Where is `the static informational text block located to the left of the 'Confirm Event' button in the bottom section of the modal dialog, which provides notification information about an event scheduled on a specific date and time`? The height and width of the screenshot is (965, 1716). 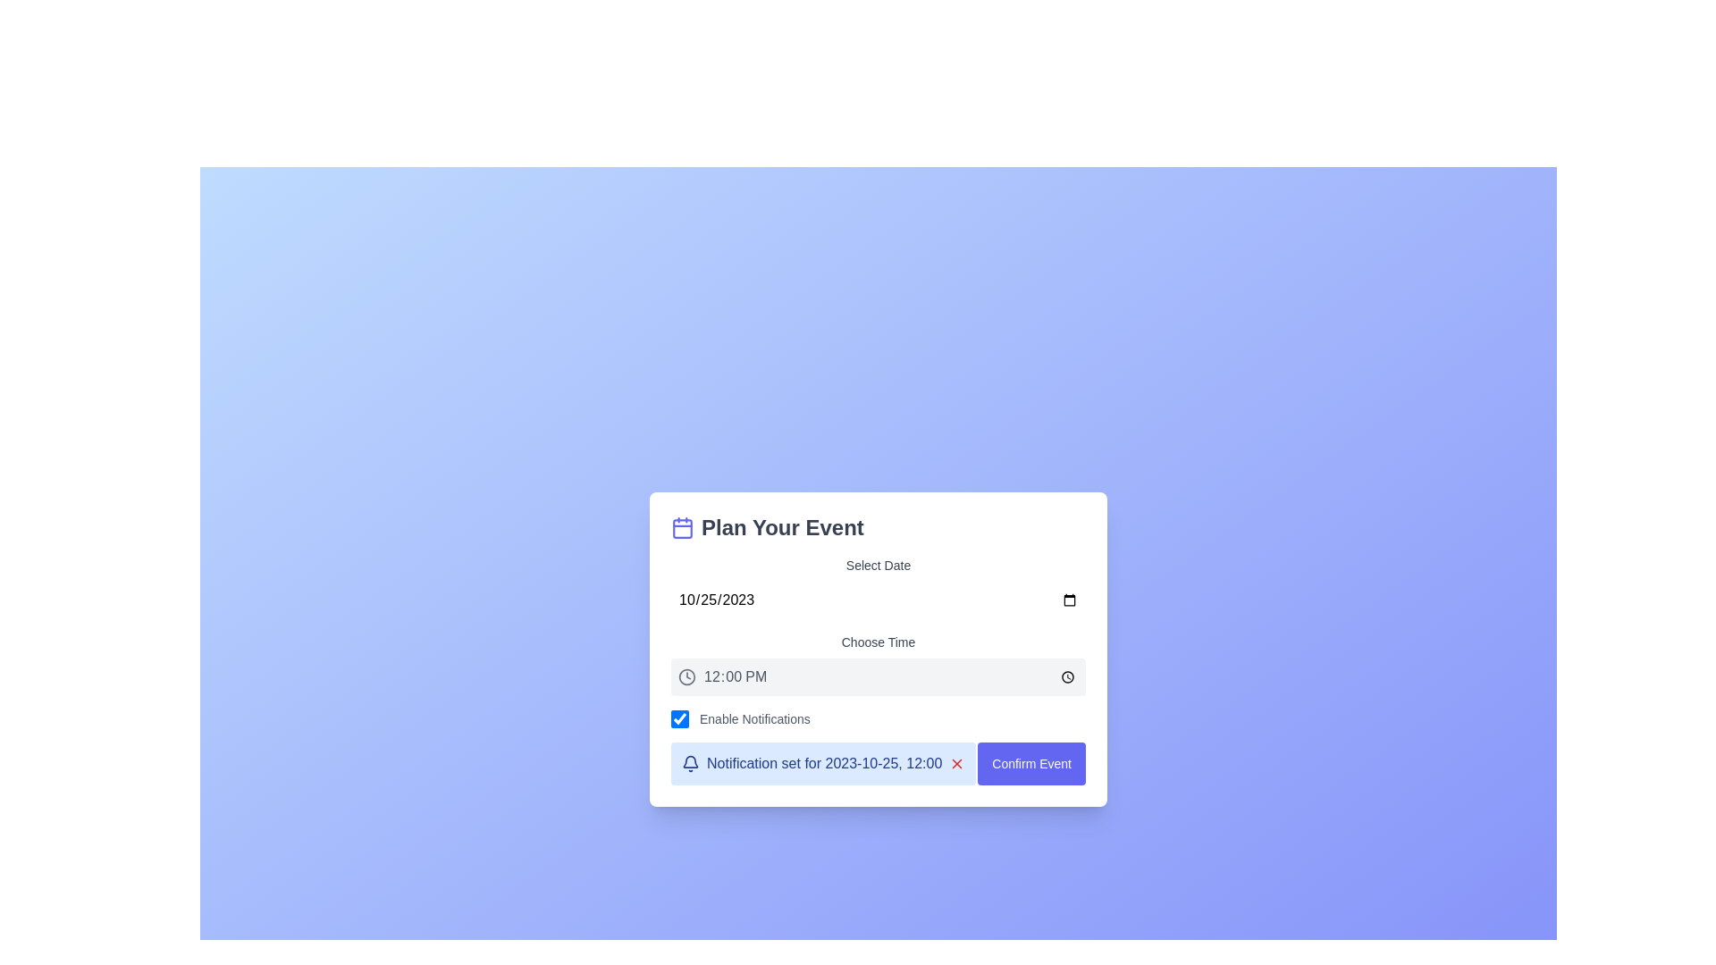
the static informational text block located to the left of the 'Confirm Event' button in the bottom section of the modal dialog, which provides notification information about an event scheduled on a specific date and time is located at coordinates (822, 764).